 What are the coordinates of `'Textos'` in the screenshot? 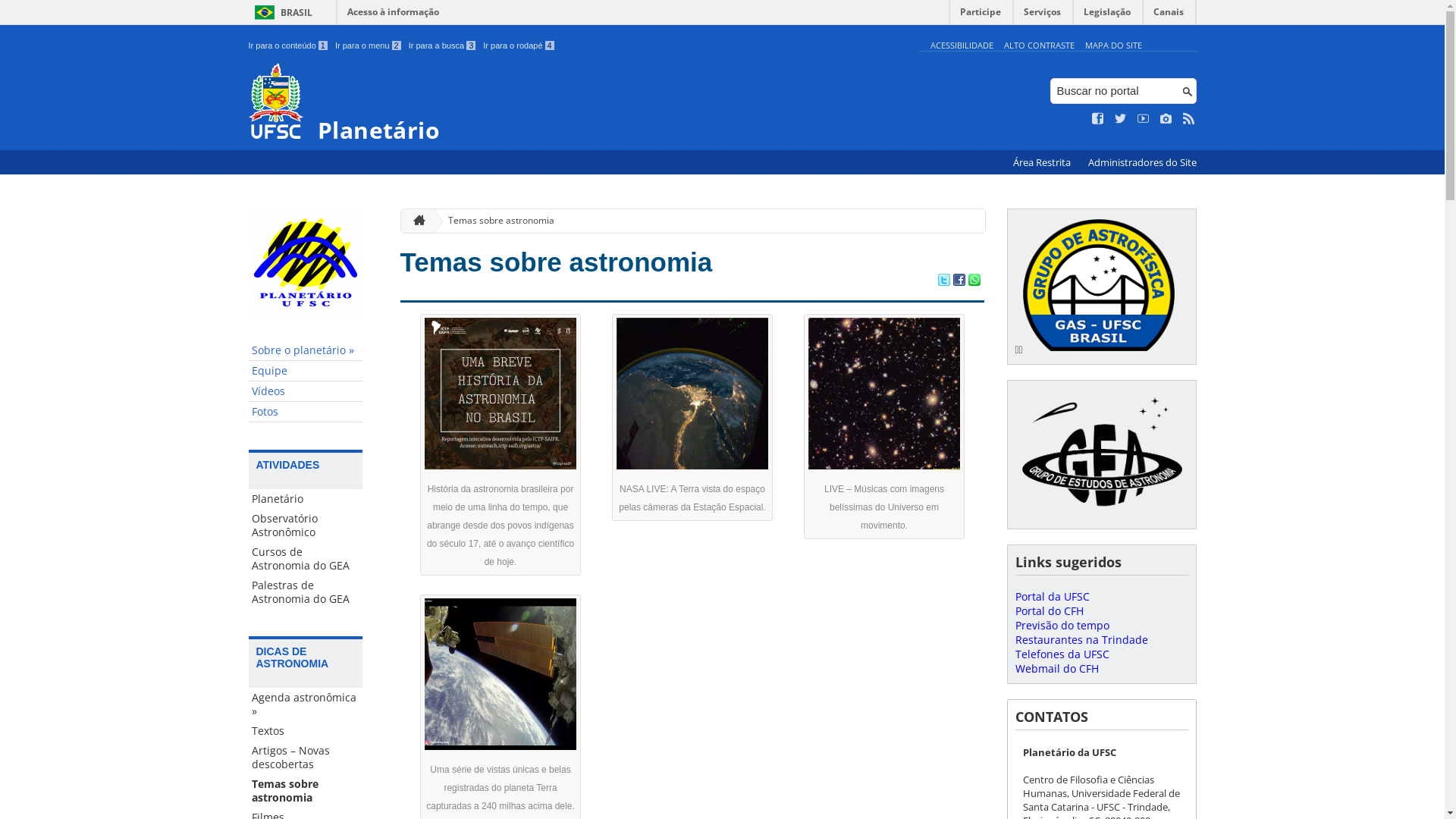 It's located at (305, 730).